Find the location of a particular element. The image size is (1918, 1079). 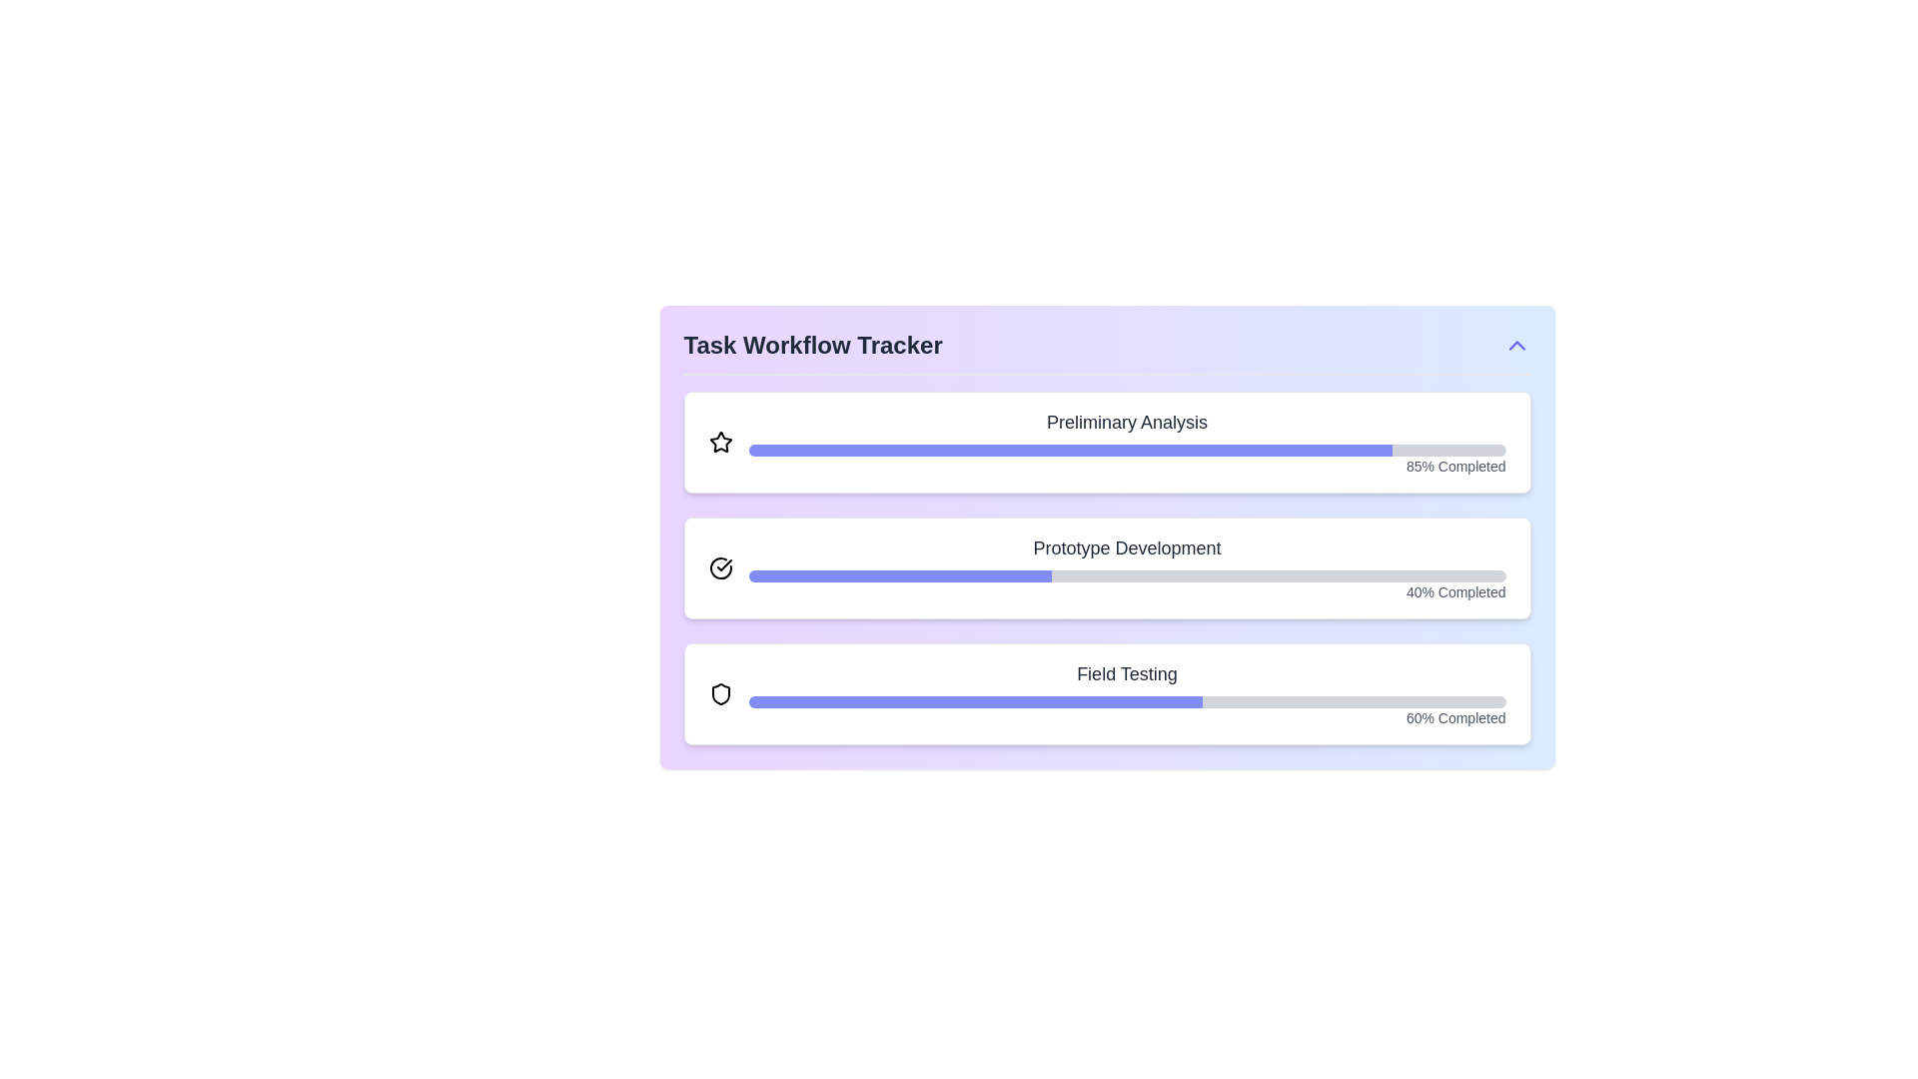

the horizontal progress bar indicating 60% completion in the 'Field Testing' section of the task workflow tracker interface is located at coordinates (1127, 700).